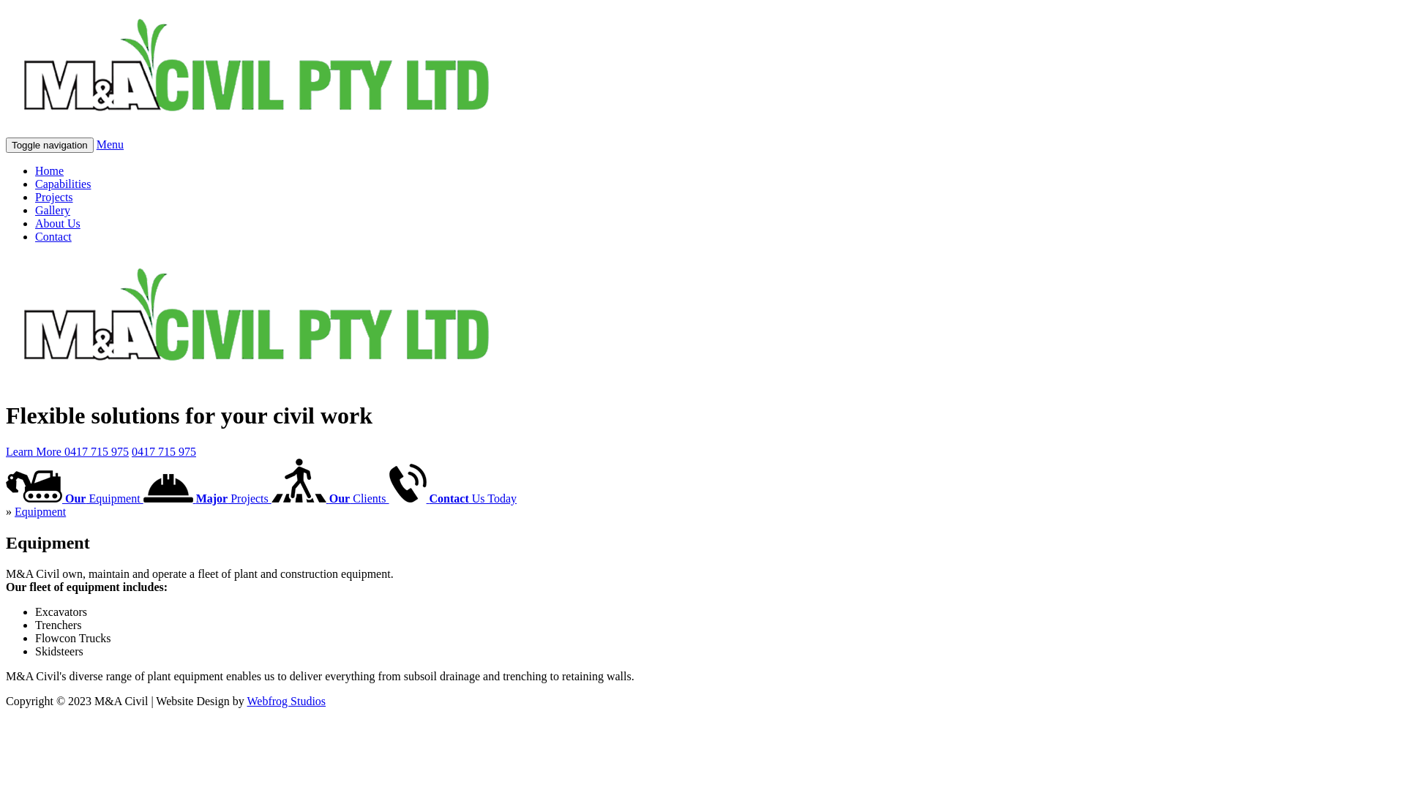 The width and height of the screenshot is (1405, 790). What do you see at coordinates (164, 451) in the screenshot?
I see `'0417 715 975'` at bounding box center [164, 451].